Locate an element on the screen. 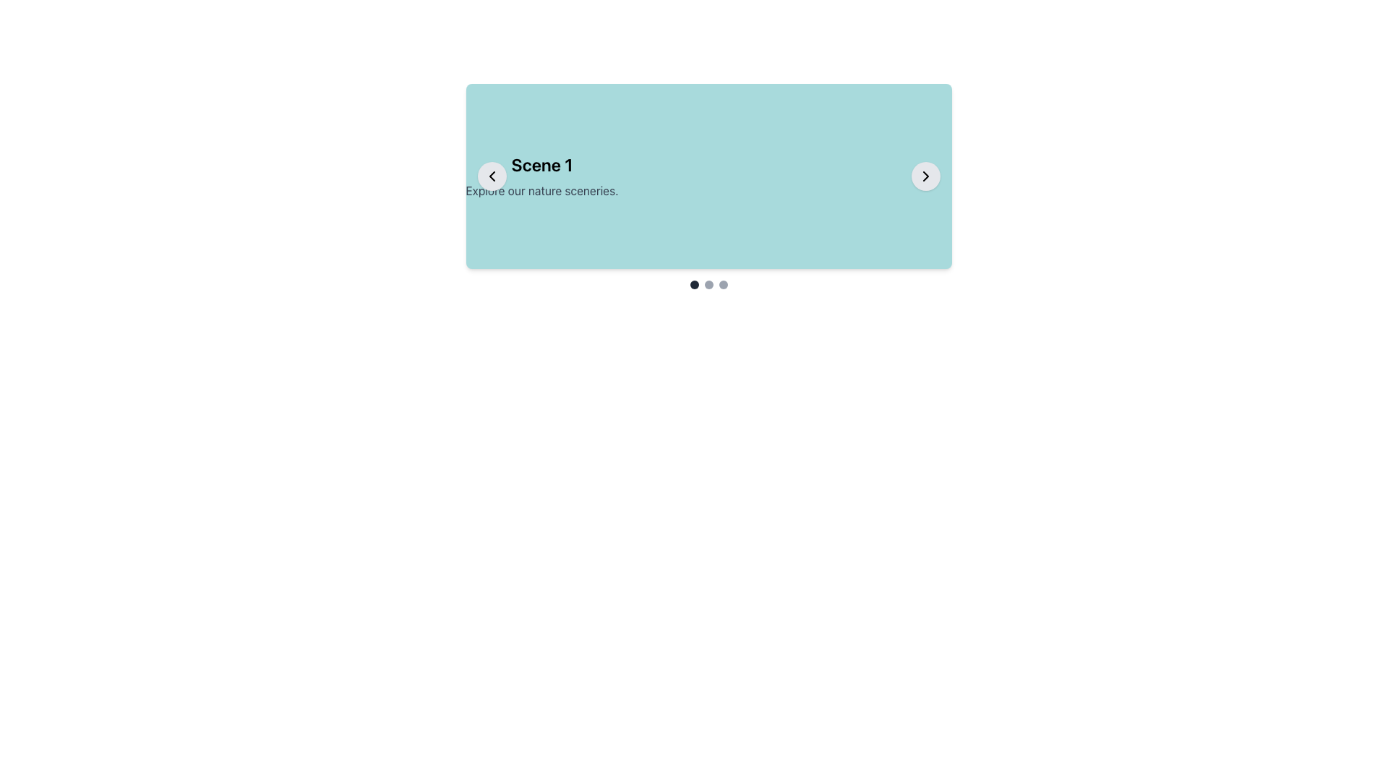 The image size is (1388, 781). the left-facing chevron icon button located adjacent to the text content starting with 'Scene 1' is located at coordinates (492, 175).